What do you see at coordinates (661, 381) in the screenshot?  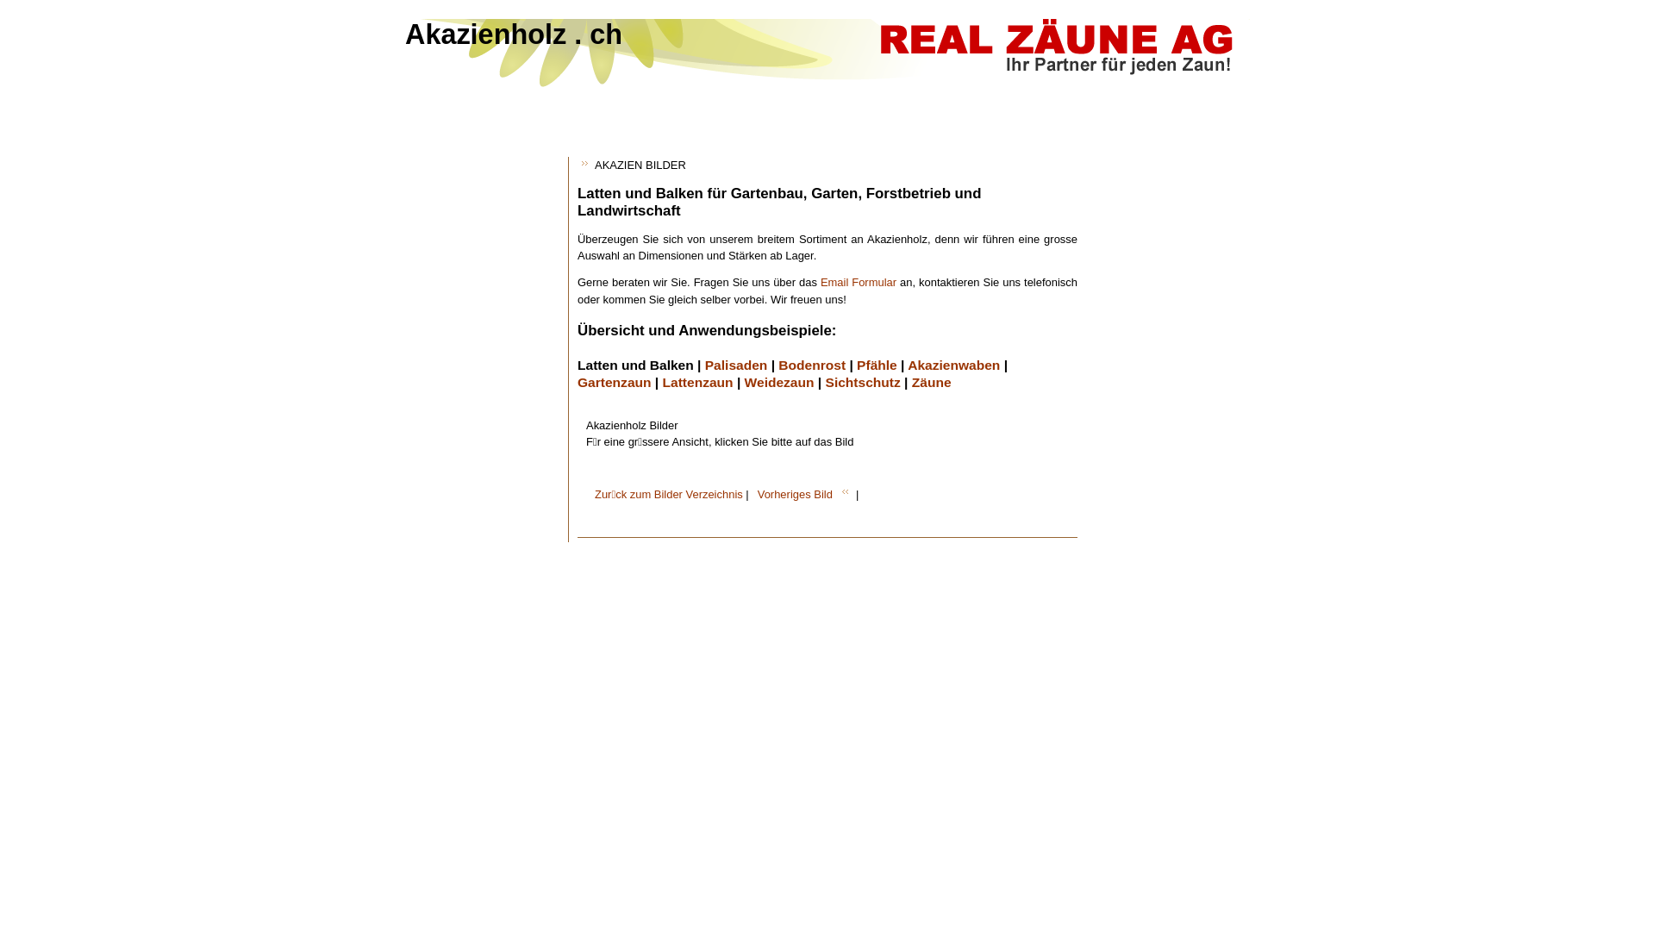 I see `'Lattenzaun'` at bounding box center [661, 381].